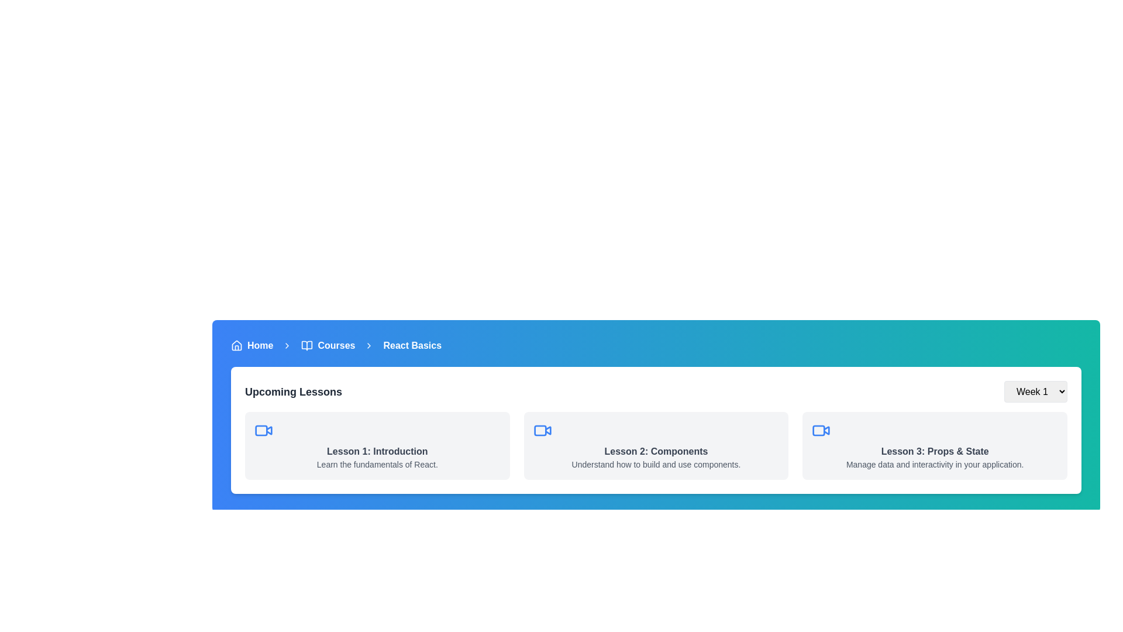 The height and width of the screenshot is (632, 1123). I want to click on the video content icon located in the third card of the 'Upcoming Lessons' section, so click(821, 431).